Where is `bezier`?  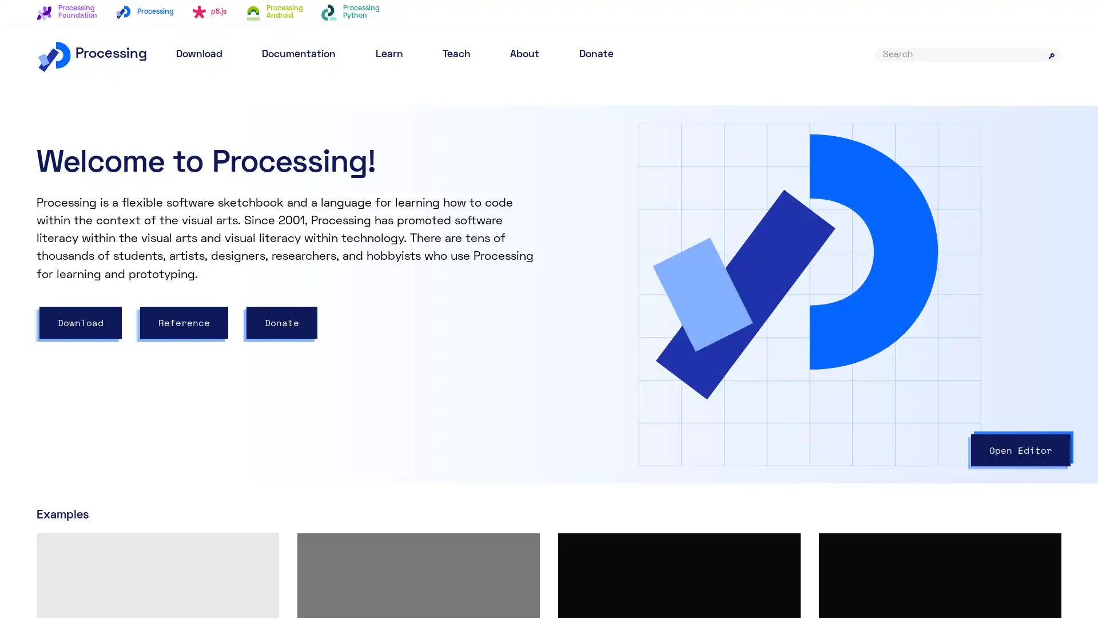 bezier is located at coordinates (597, 314).